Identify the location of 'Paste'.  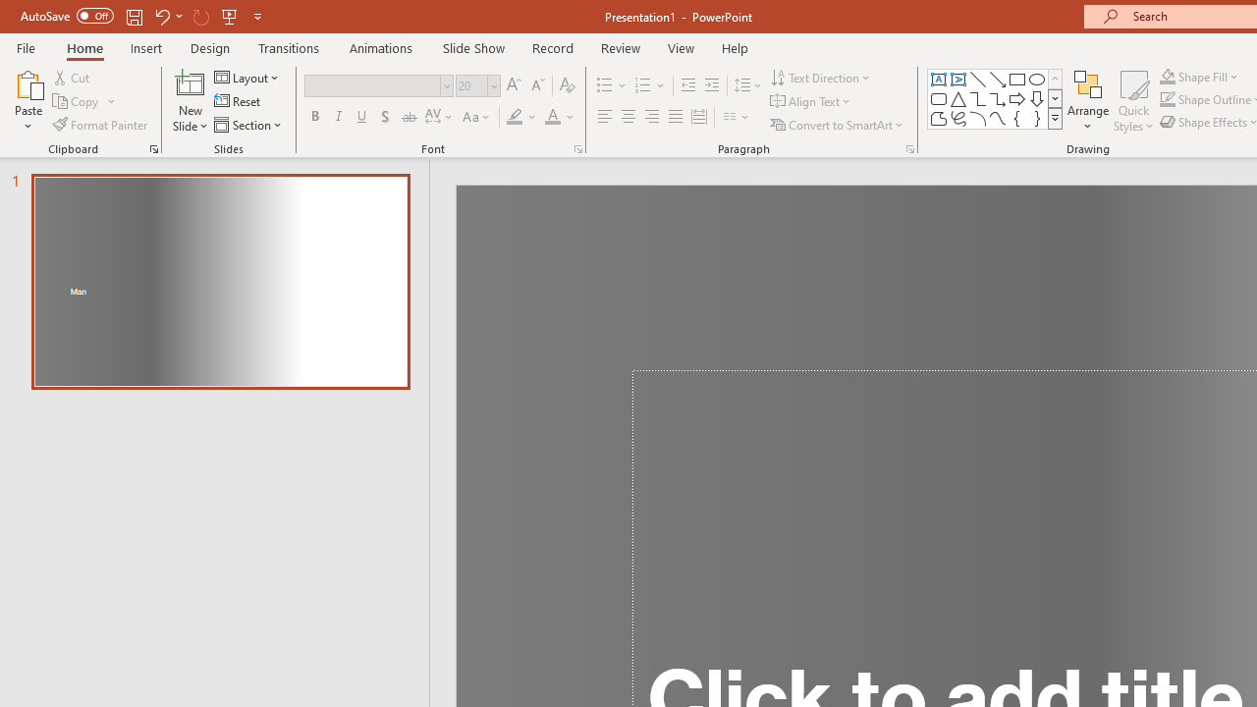
(27, 82).